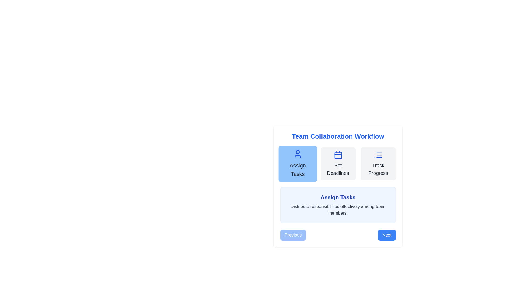  I want to click on the second rectangular icon with rounded corners, which is styled with a light background color, so click(338, 155).